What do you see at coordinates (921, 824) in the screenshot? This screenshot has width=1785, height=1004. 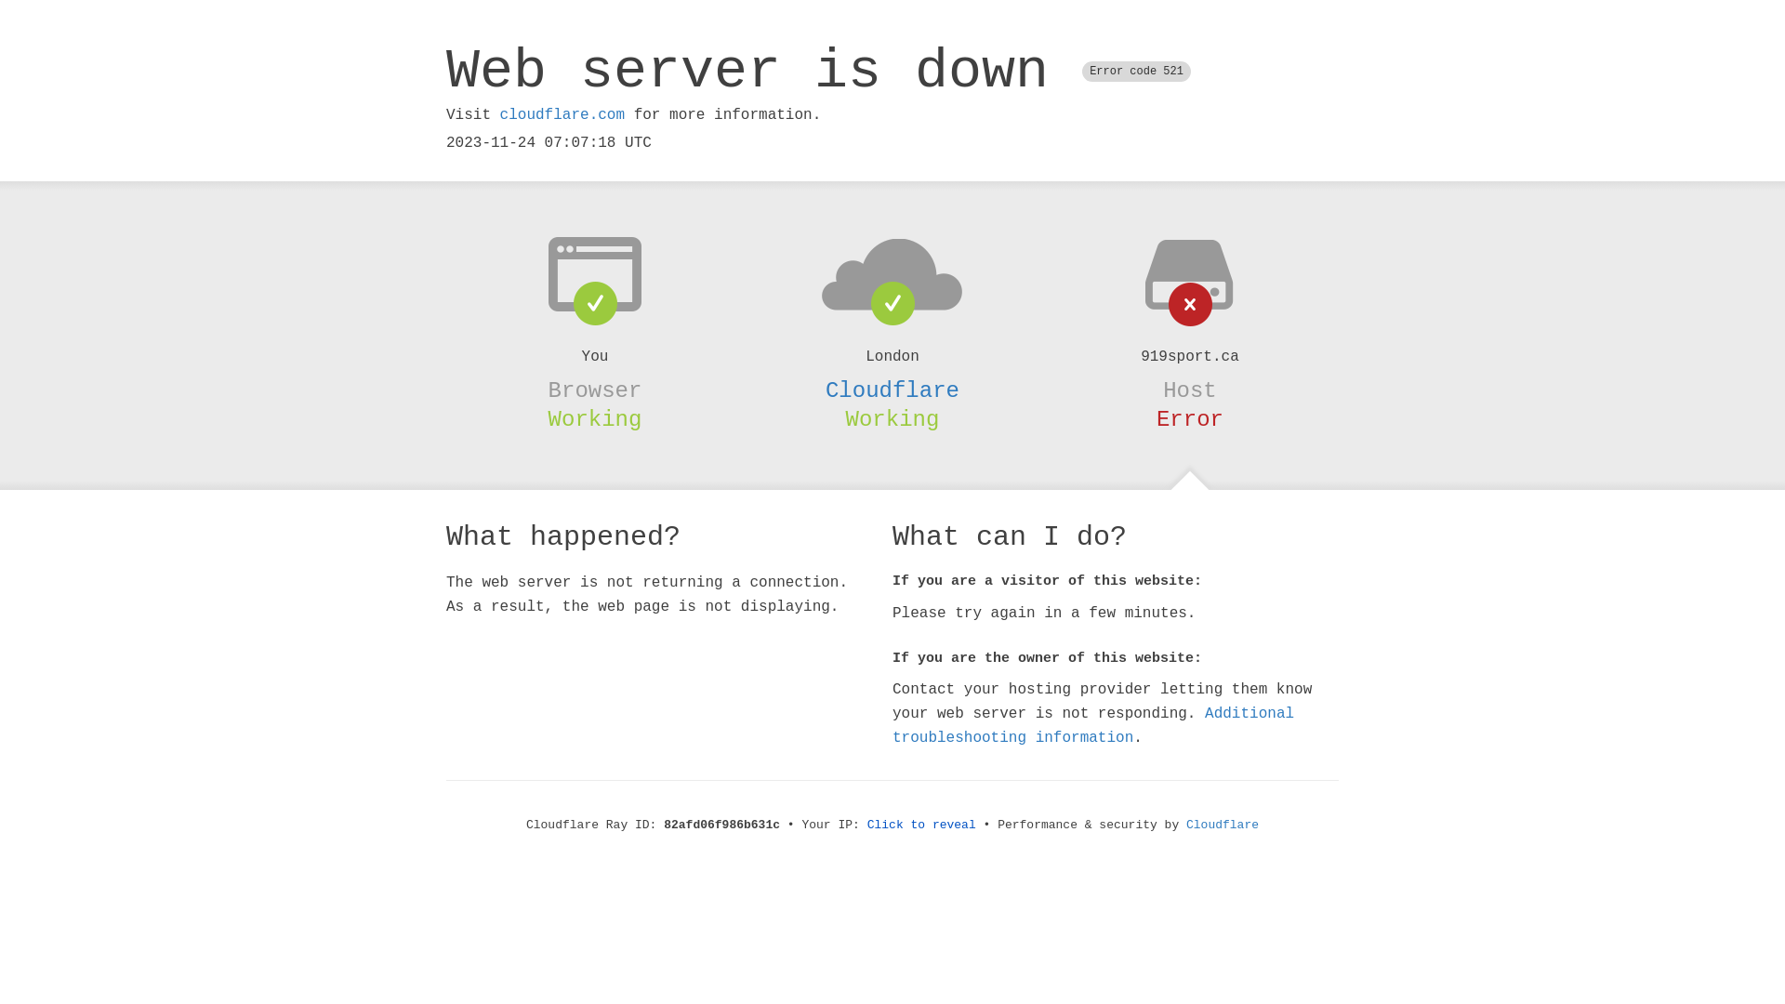 I see `'Click to reveal'` at bounding box center [921, 824].